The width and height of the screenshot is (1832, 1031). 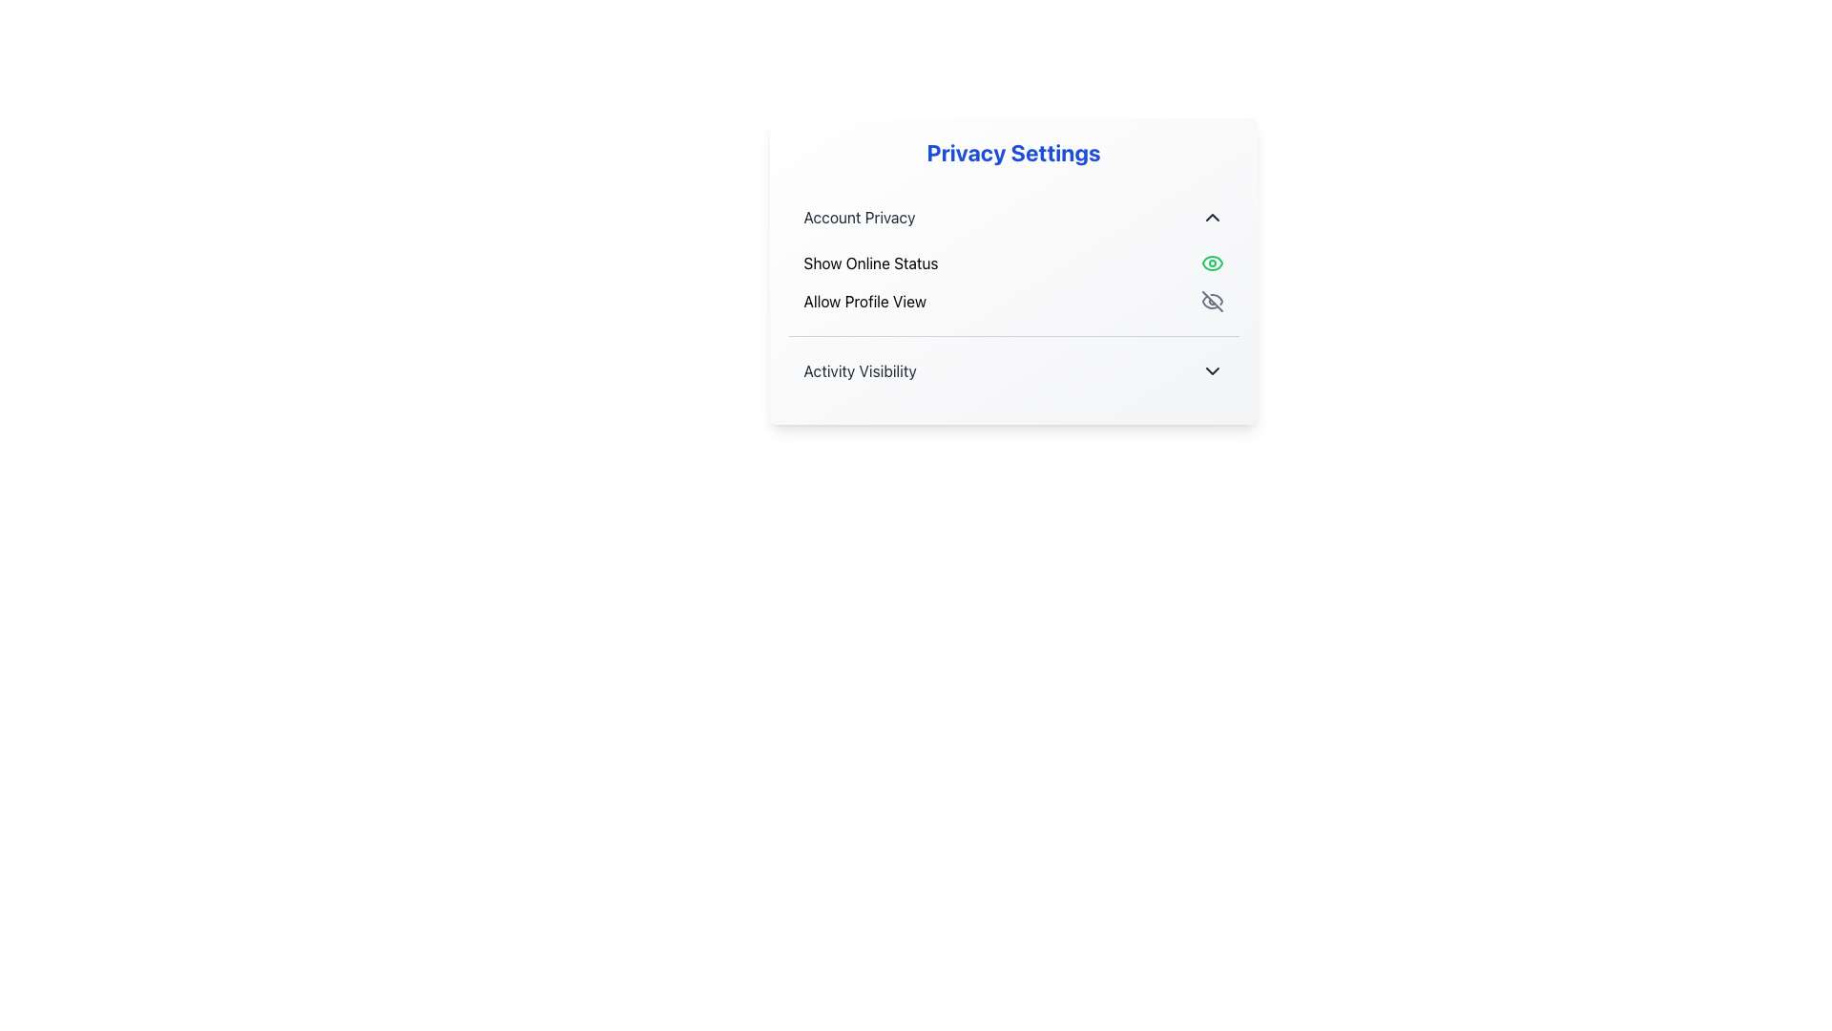 What do you see at coordinates (1012, 371) in the screenshot?
I see `the 'Activity Visibility' dropdown trigger` at bounding box center [1012, 371].